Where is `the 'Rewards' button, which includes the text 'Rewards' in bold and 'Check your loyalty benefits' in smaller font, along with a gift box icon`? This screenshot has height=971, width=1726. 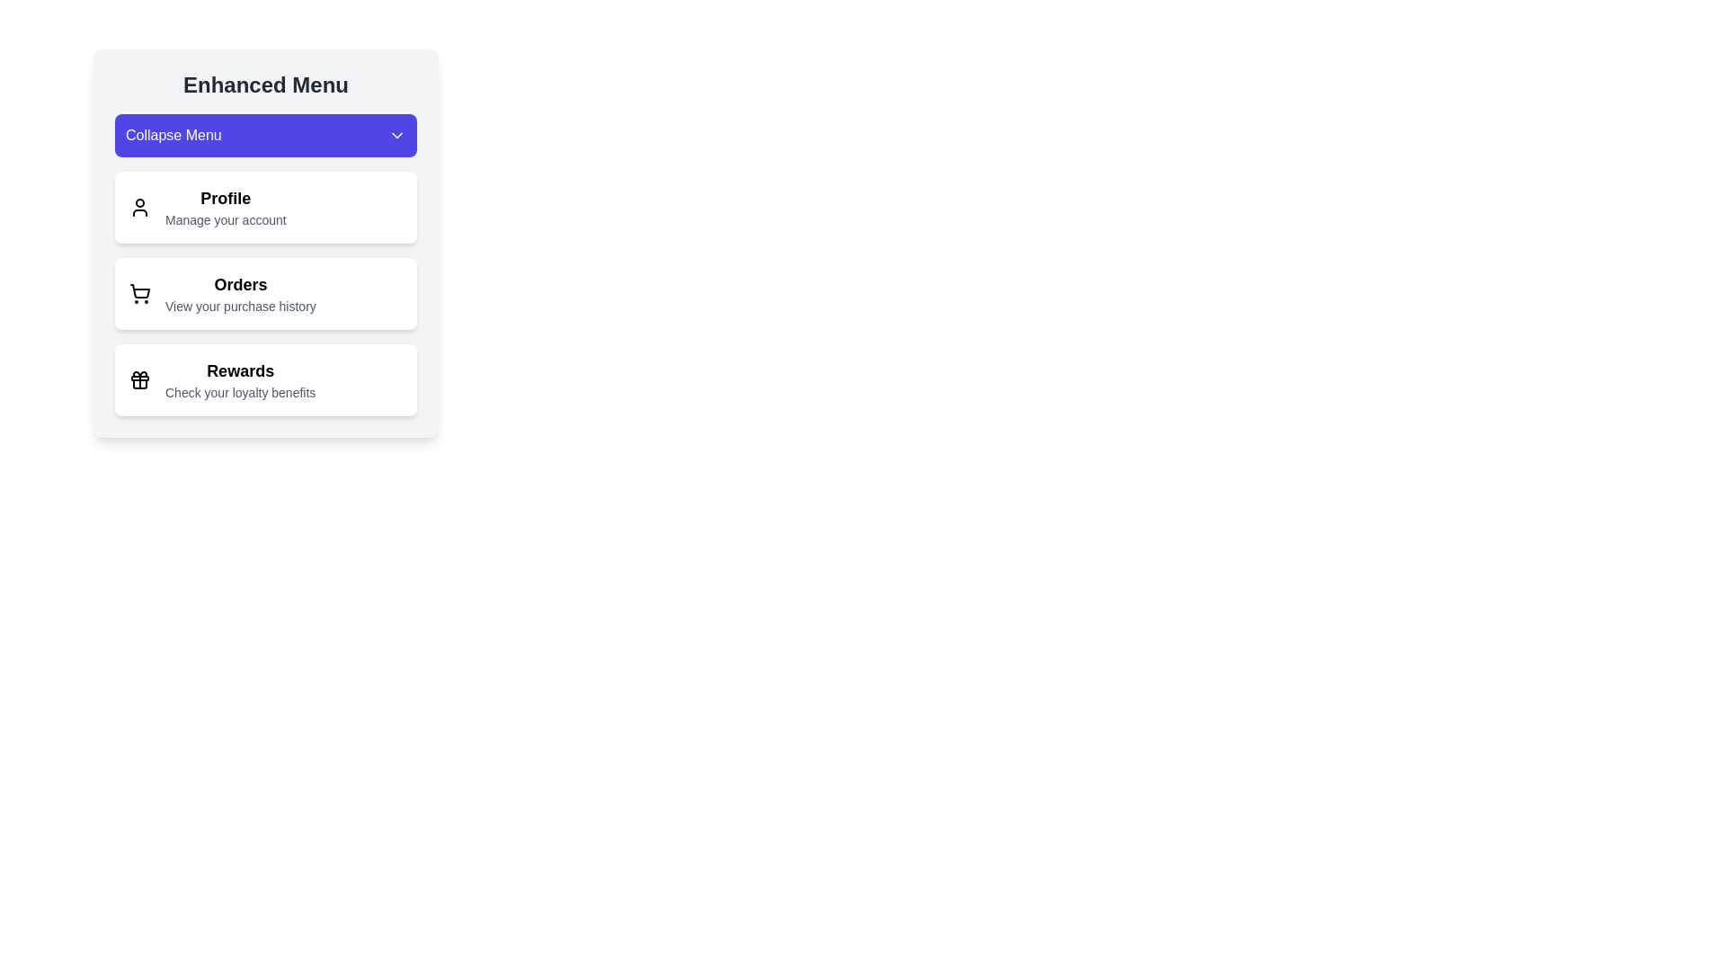
the 'Rewards' button, which includes the text 'Rewards' in bold and 'Check your loyalty benefits' in smaller font, along with a gift box icon is located at coordinates (239, 379).